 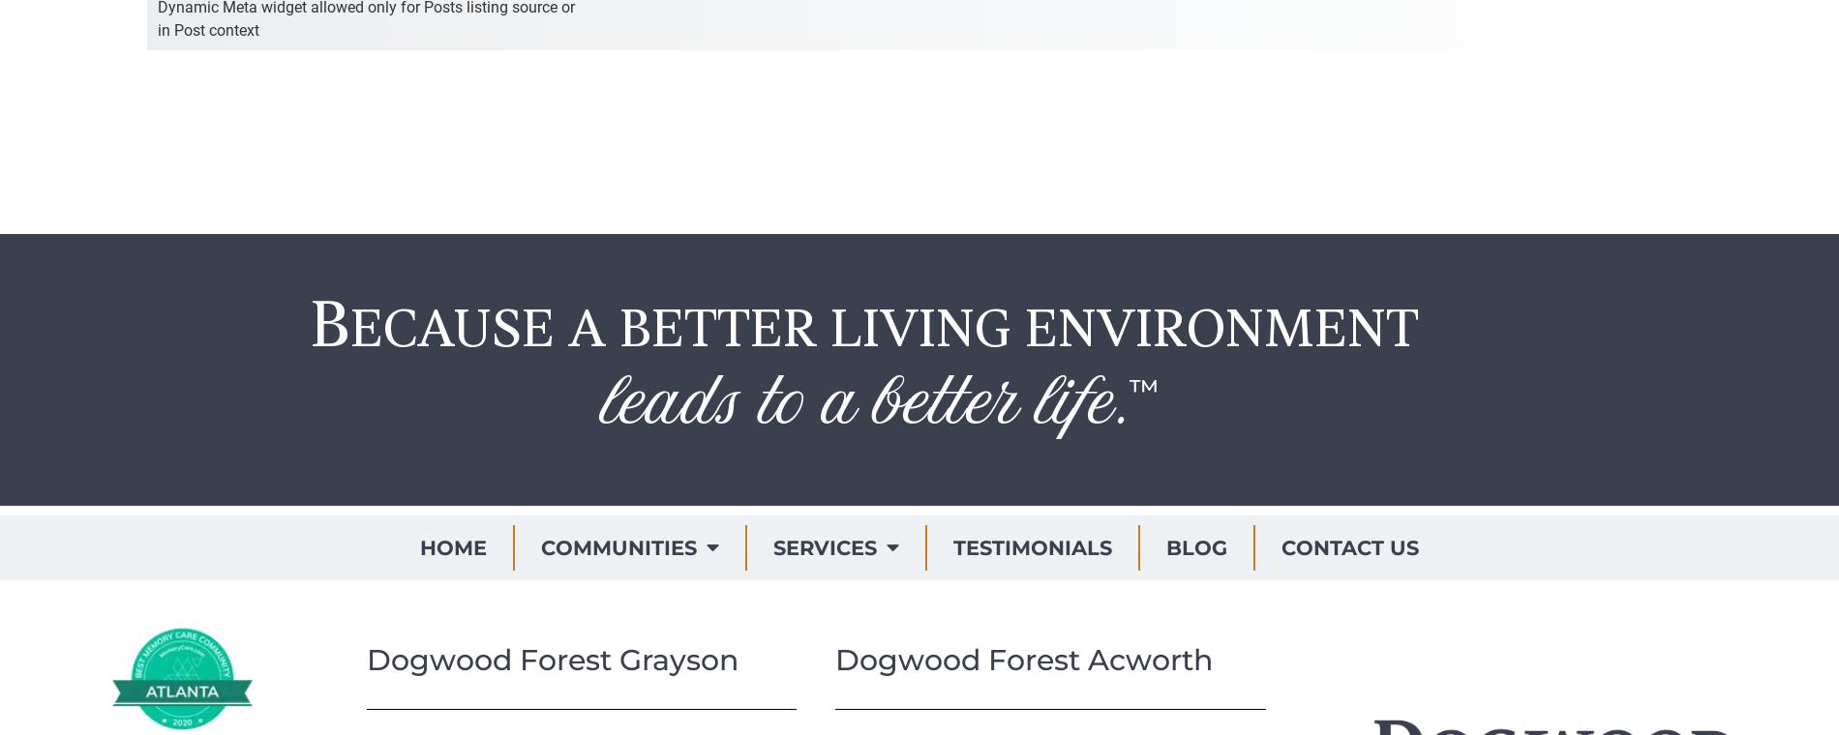 What do you see at coordinates (1195, 546) in the screenshot?
I see `'Blog'` at bounding box center [1195, 546].